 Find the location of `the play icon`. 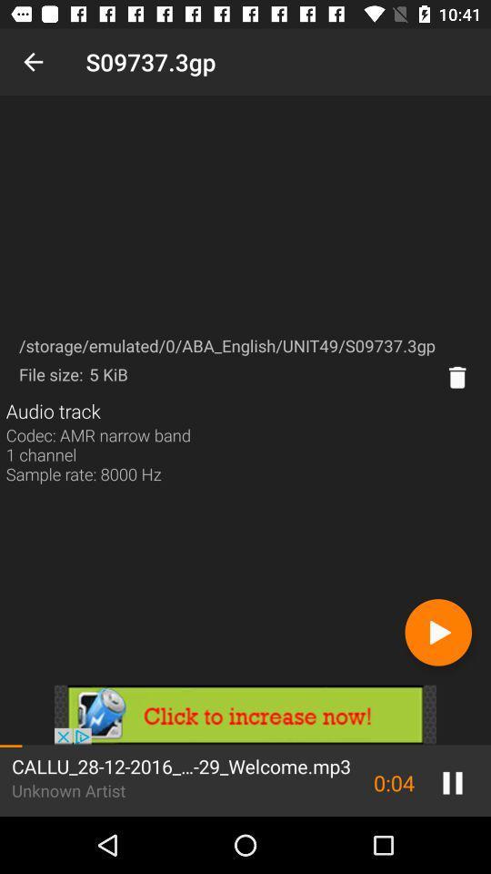

the play icon is located at coordinates (437, 632).